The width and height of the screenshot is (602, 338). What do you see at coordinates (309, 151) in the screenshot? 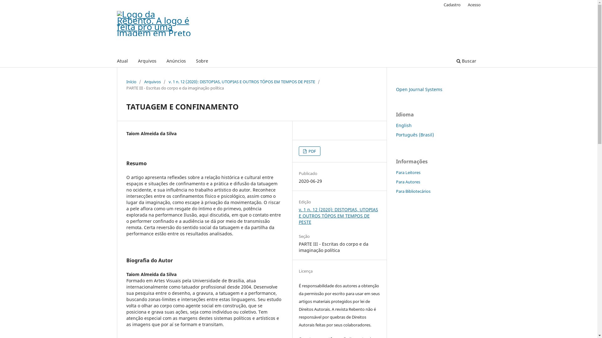
I see `'PDF'` at bounding box center [309, 151].